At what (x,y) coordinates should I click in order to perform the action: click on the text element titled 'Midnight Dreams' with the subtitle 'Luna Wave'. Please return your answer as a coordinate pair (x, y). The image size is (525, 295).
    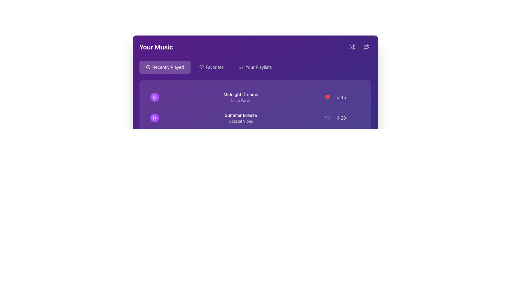
    Looking at the image, I should click on (241, 97).